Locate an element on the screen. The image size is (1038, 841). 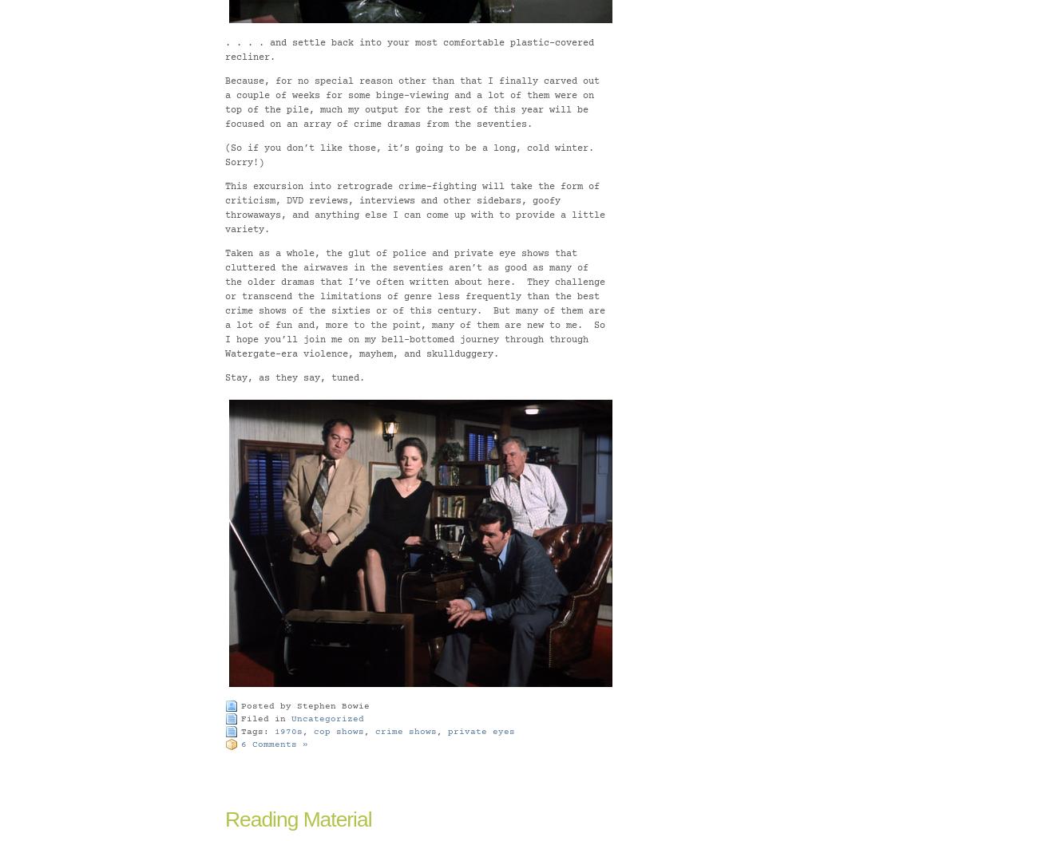
'cop shows' is located at coordinates (339, 730).